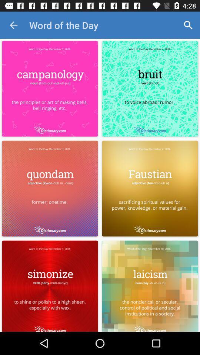  What do you see at coordinates (13, 25) in the screenshot?
I see `icon to the left of the word of the` at bounding box center [13, 25].